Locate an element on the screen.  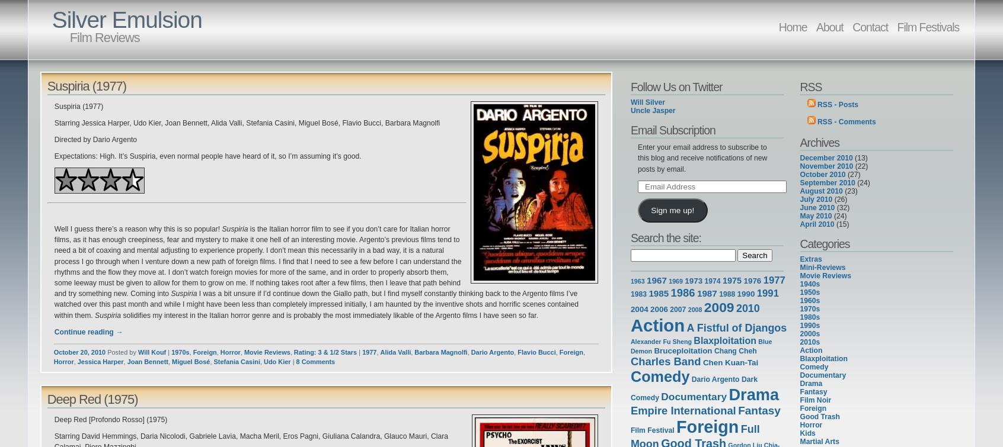
'Flavio Bucci' is located at coordinates (536, 351).